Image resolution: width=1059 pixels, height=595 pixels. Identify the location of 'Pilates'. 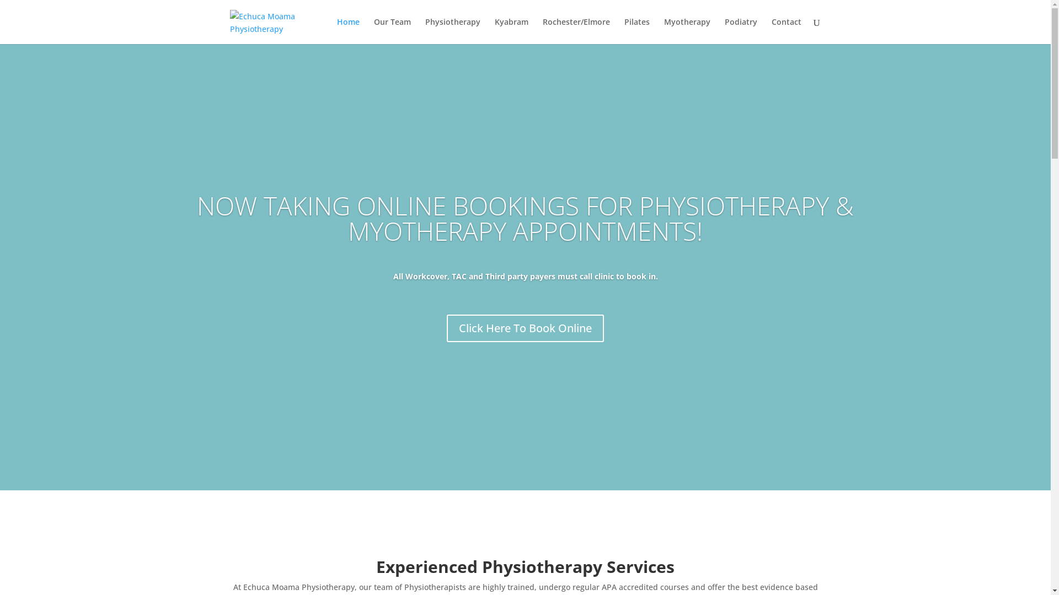
(637, 30).